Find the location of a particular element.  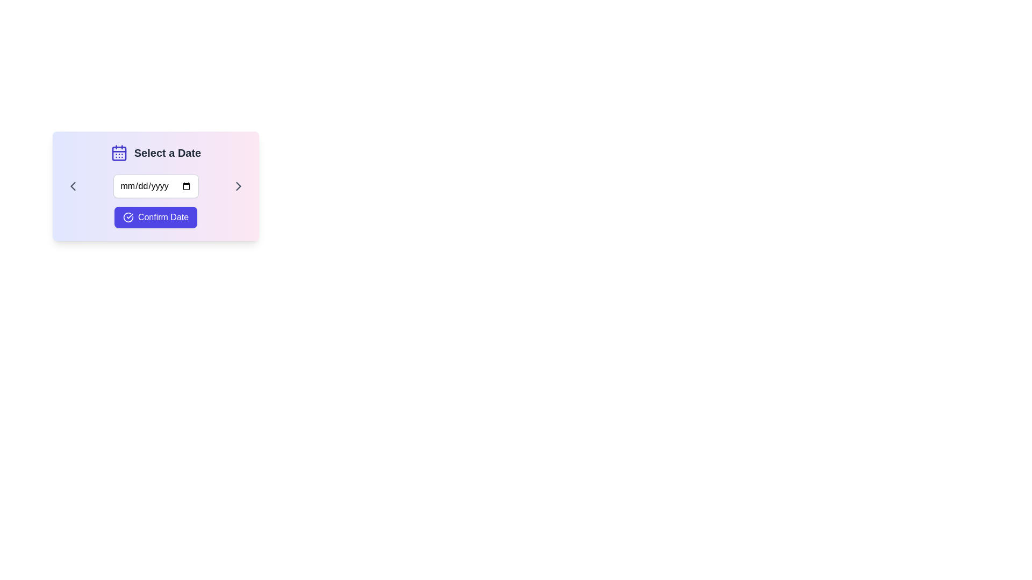

the calendar icon that indicates the date selection functionality, located in the 'Select a Date' section, positioned in the top-left corner preceding the title text is located at coordinates (119, 153).